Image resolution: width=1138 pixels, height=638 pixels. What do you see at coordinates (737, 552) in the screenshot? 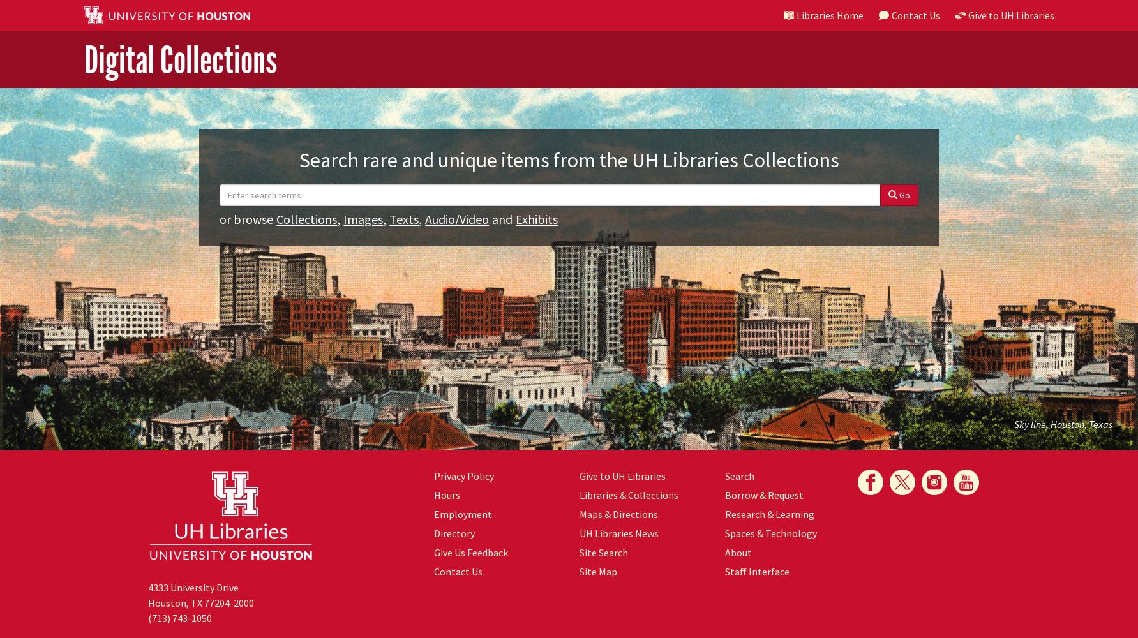
I see `'About'` at bounding box center [737, 552].